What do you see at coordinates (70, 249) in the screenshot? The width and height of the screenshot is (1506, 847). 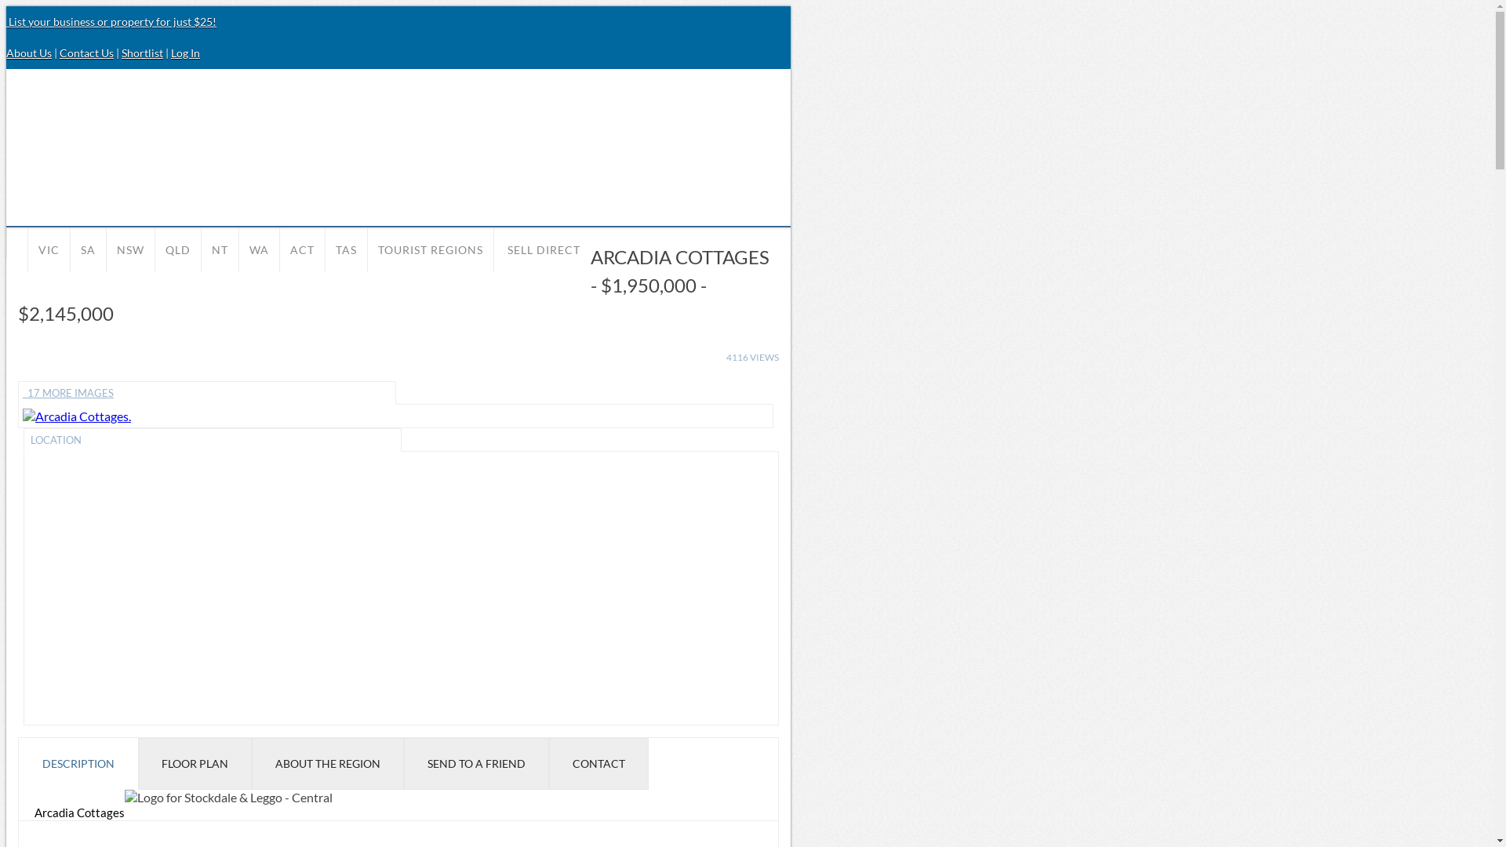 I see `'SA'` at bounding box center [70, 249].